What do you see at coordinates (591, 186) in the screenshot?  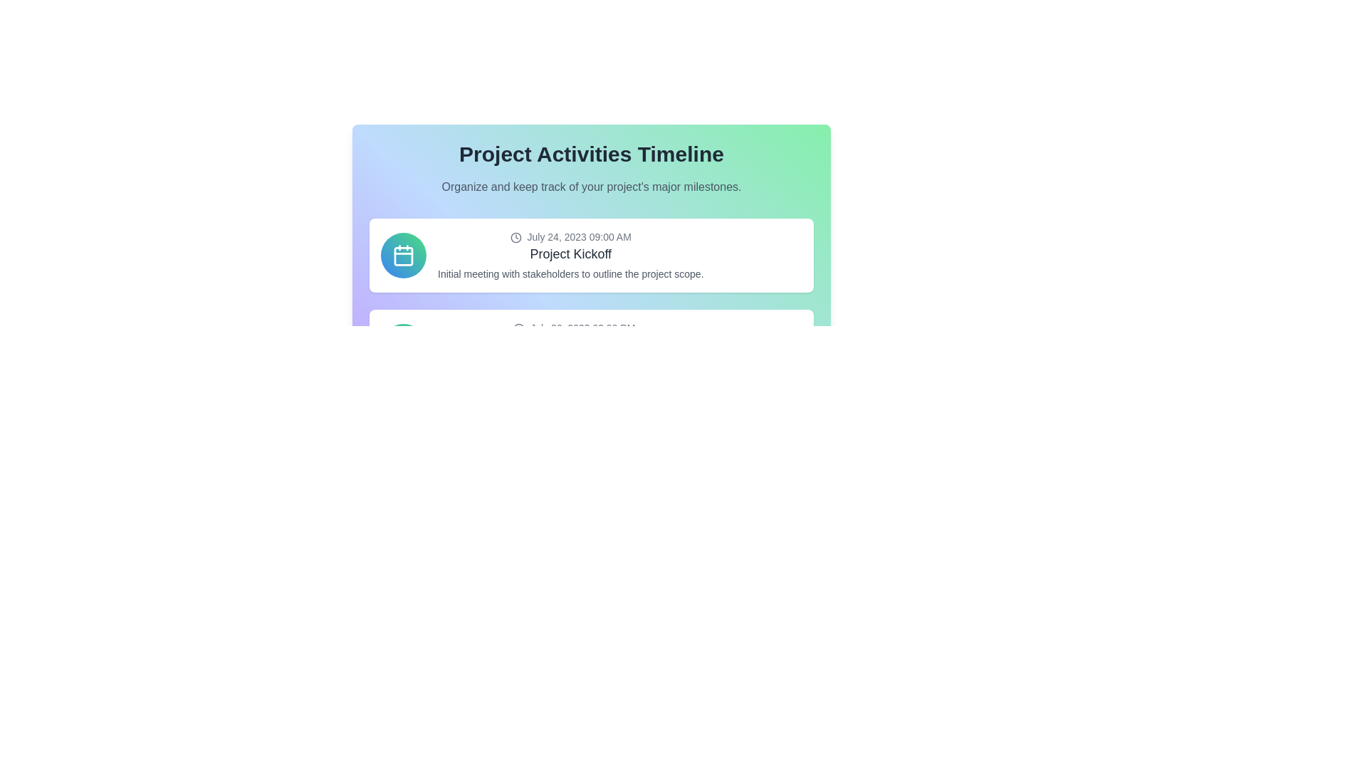 I see `the static text element that contains the content 'Organize and keep track of your project's major milestones.' which is located below the heading 'Project Activities Timeline'` at bounding box center [591, 186].